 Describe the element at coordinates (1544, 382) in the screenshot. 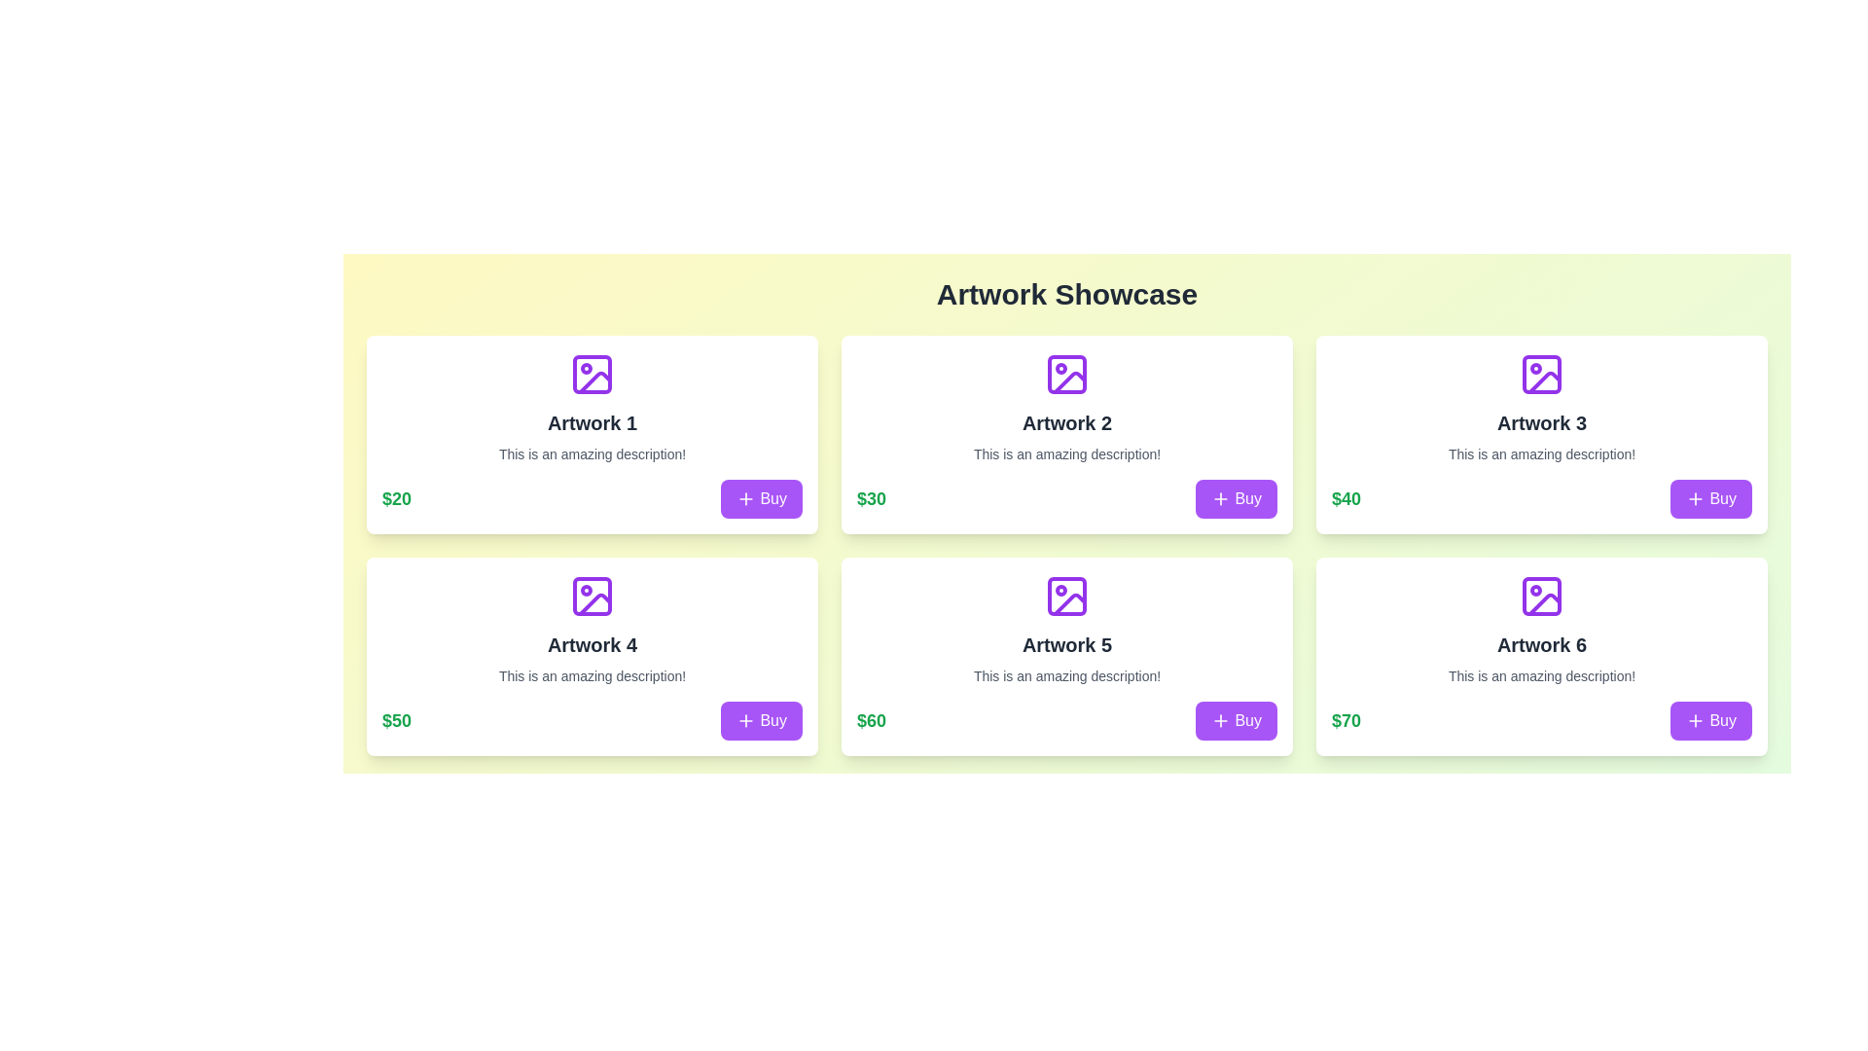

I see `the decorative icon component located at the top-center section of the purple image icon in the 'Artwork 3' card` at that location.